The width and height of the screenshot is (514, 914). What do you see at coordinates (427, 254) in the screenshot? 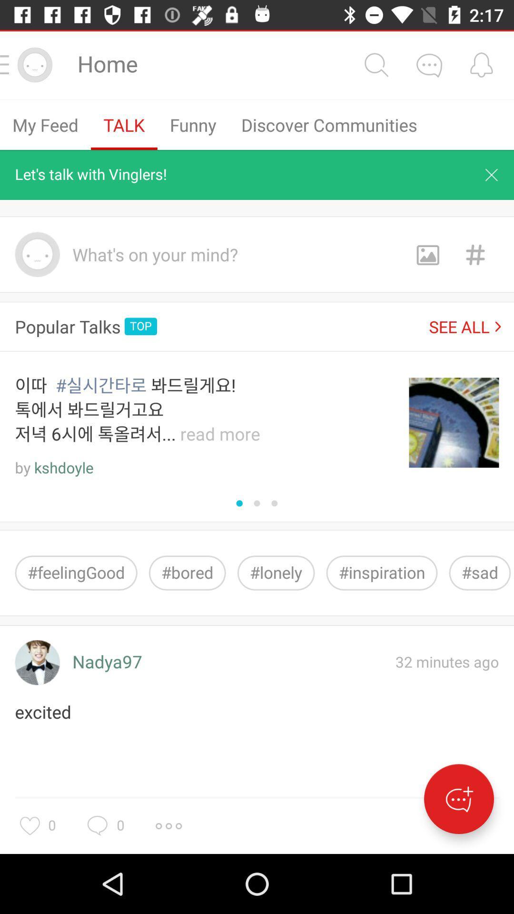
I see `picture option` at bounding box center [427, 254].